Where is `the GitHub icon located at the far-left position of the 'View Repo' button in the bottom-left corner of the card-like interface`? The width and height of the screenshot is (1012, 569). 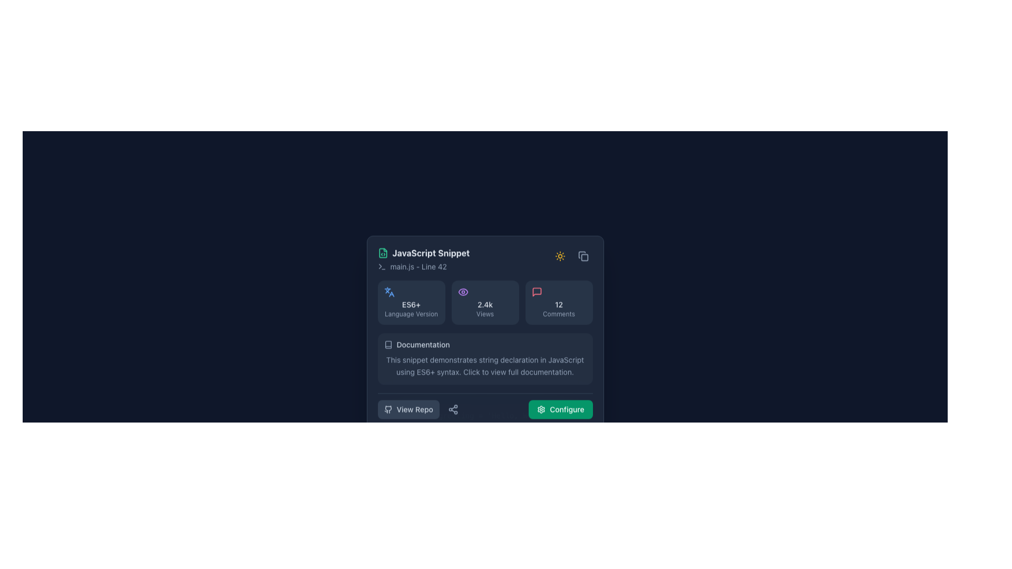 the GitHub icon located at the far-left position of the 'View Repo' button in the bottom-left corner of the card-like interface is located at coordinates (387, 408).